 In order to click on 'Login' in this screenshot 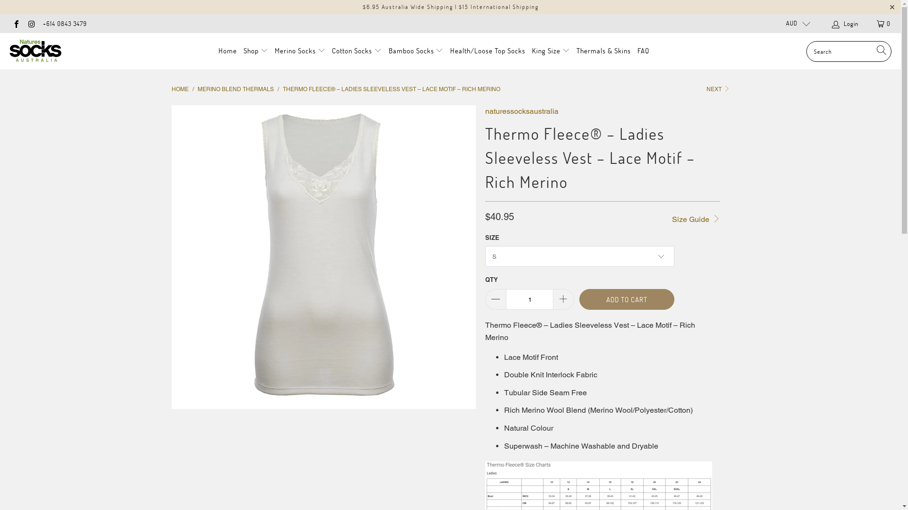, I will do `click(846, 23)`.